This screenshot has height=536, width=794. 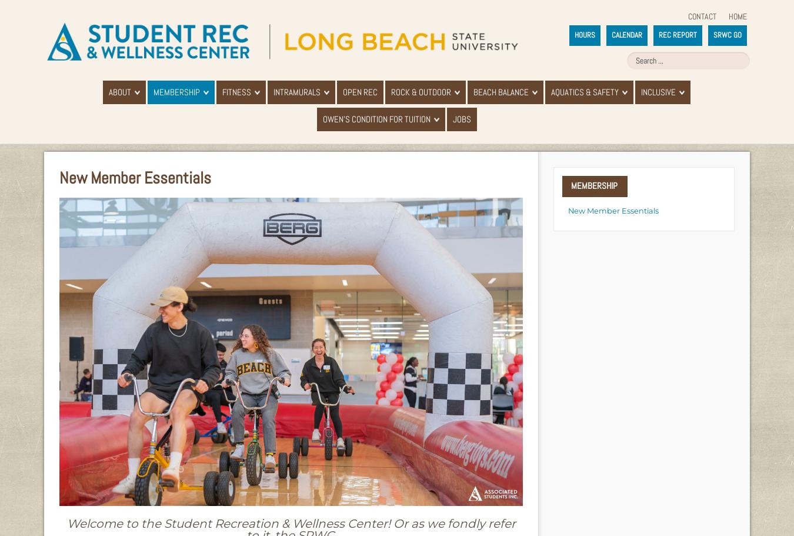 I want to click on 'Owen's Condition for Tuition', so click(x=376, y=118).